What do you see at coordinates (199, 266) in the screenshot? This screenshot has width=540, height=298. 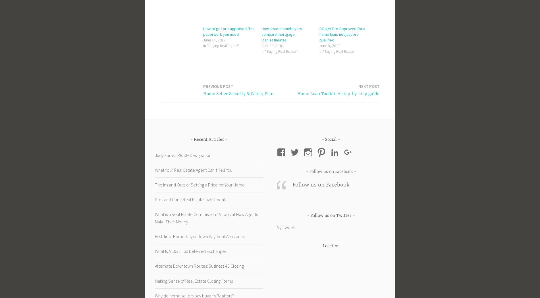 I see `'Alternate Downtown Routes: Business 40 Closing'` at bounding box center [199, 266].